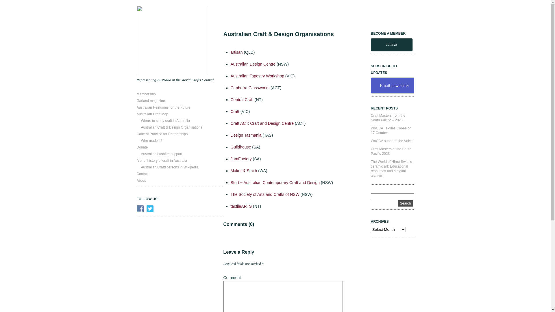 This screenshot has height=312, width=555. I want to click on 'Central Craft', so click(242, 99).